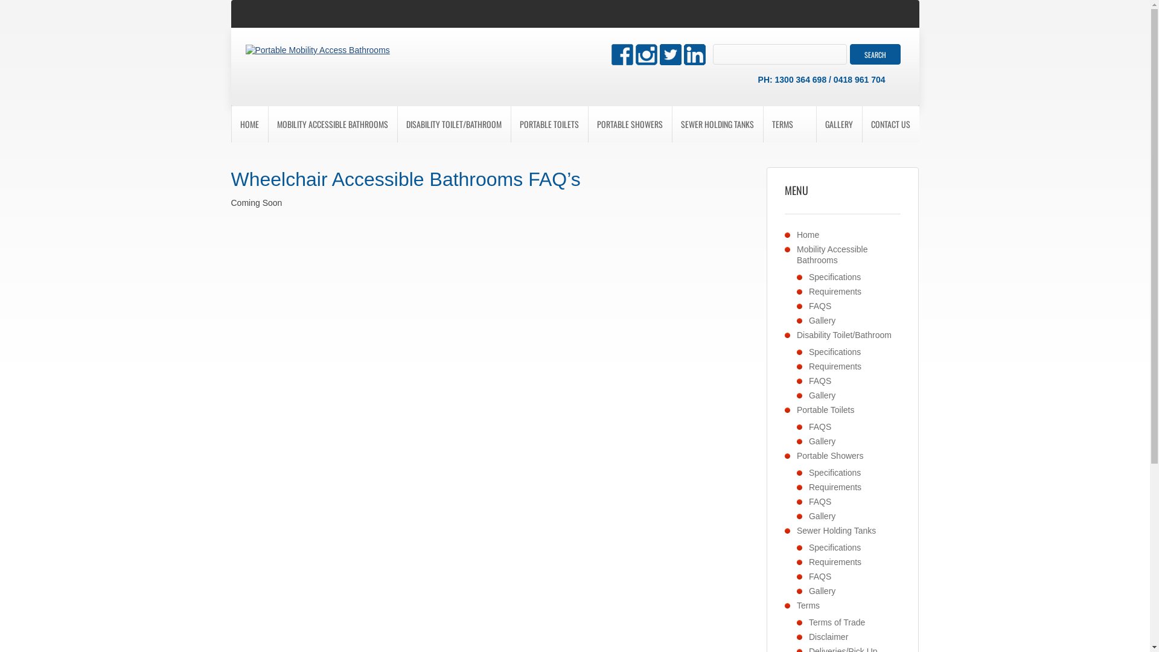 This screenshot has width=1159, height=652. What do you see at coordinates (816, 124) in the screenshot?
I see `'GALLERY'` at bounding box center [816, 124].